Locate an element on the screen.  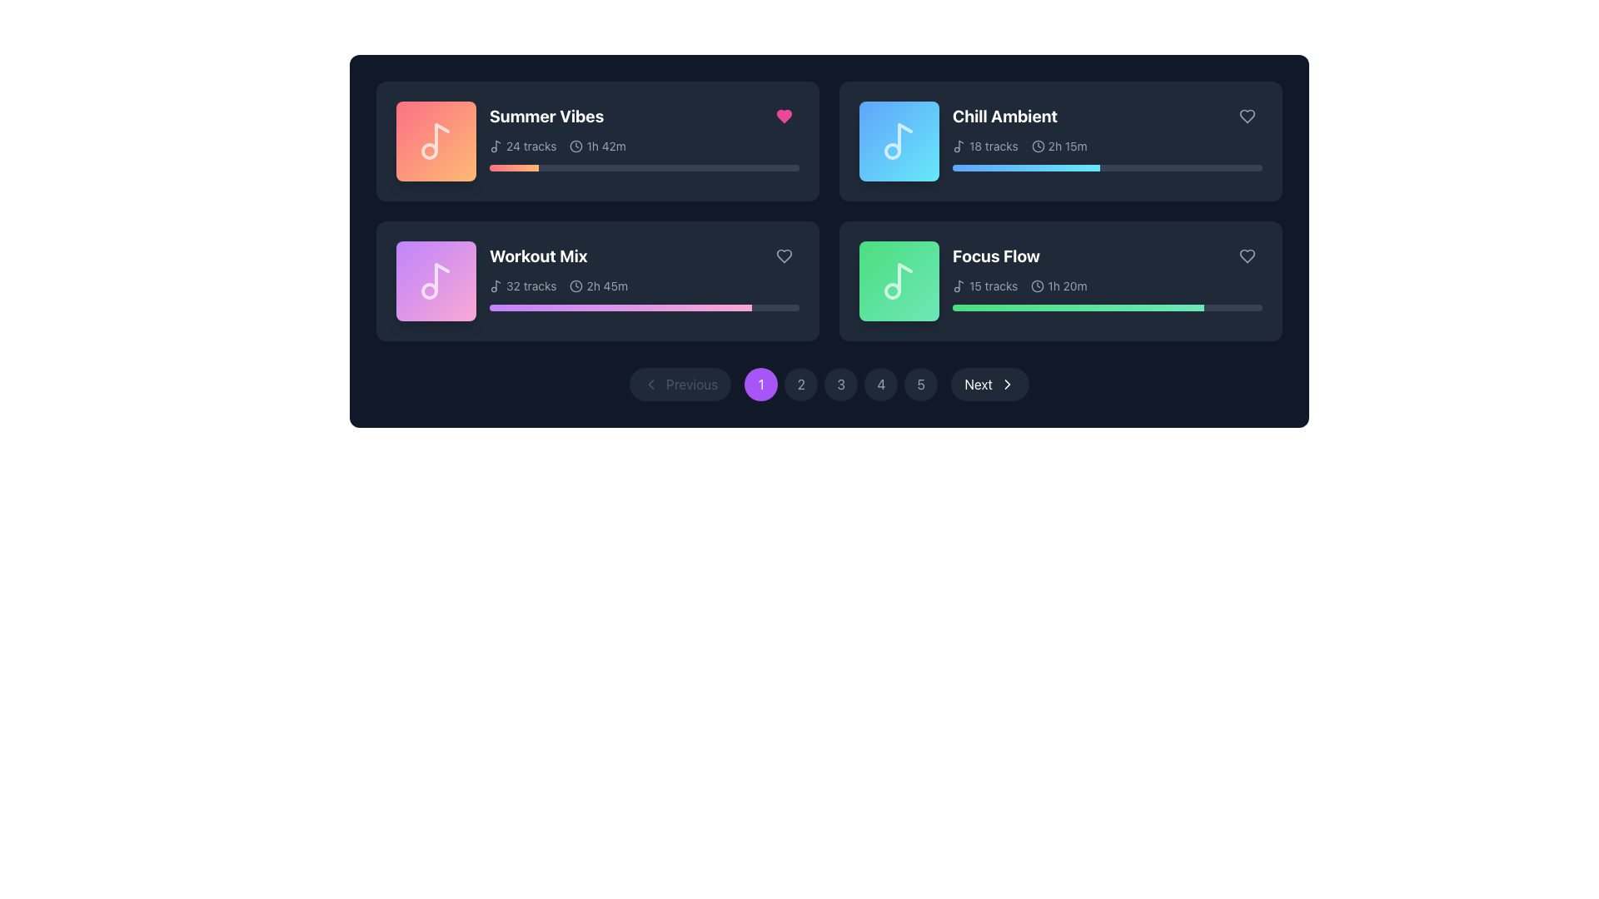
the 'Chill Ambient' interactive card is located at coordinates (1059, 140).